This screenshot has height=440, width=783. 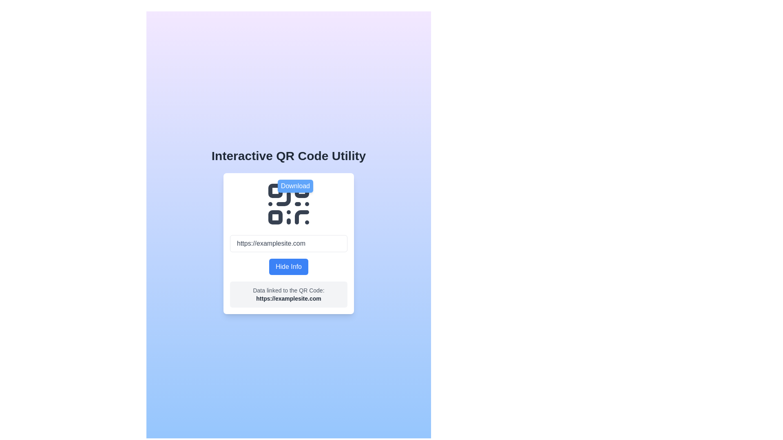 I want to click on the Text display that shows the URL linked to the QR code, located below the description 'Data linked to the QR Code:' in a rounded light gray box, so click(x=289, y=298).